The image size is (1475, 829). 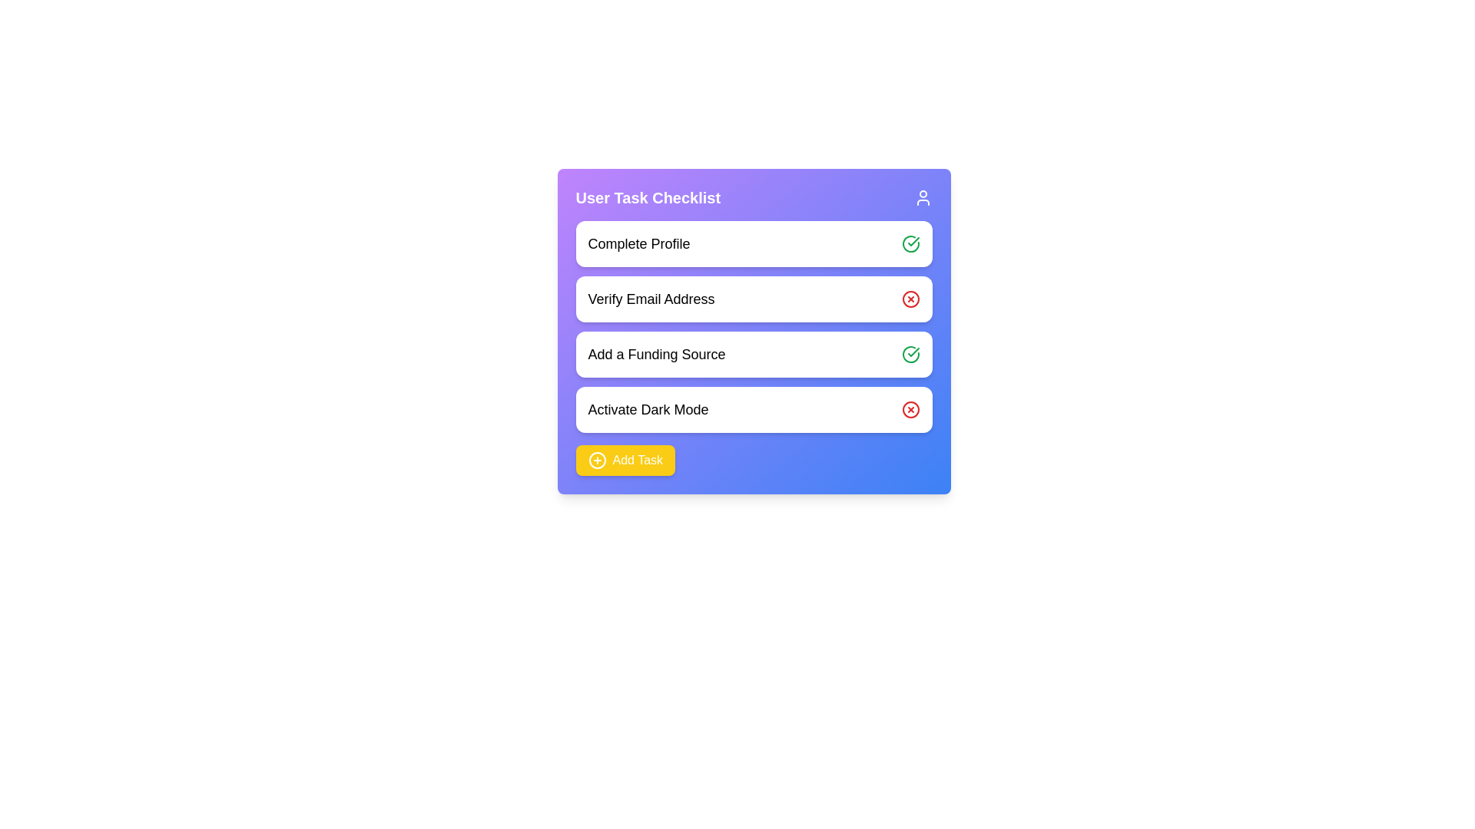 What do you see at coordinates (754, 243) in the screenshot?
I see `the 'Complete Profile' interactive card at the top of the User Task Checklist` at bounding box center [754, 243].